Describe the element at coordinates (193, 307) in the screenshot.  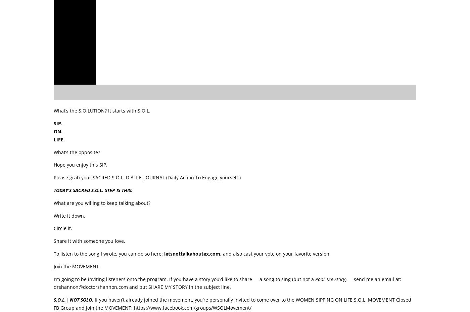
I see `'https://www.facebook.com/groups/WSOLMovement/'` at that location.